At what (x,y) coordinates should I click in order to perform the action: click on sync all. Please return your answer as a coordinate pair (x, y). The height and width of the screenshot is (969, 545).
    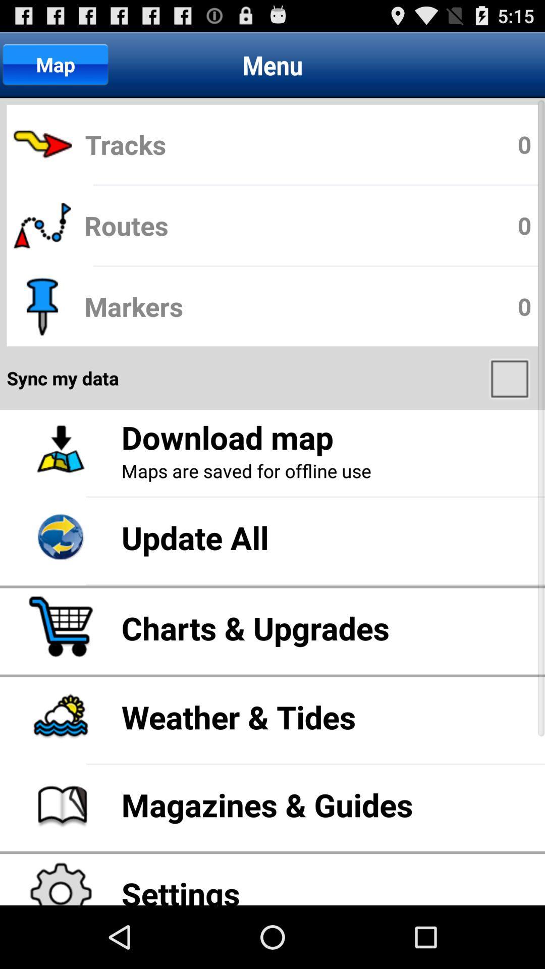
    Looking at the image, I should click on (511, 378).